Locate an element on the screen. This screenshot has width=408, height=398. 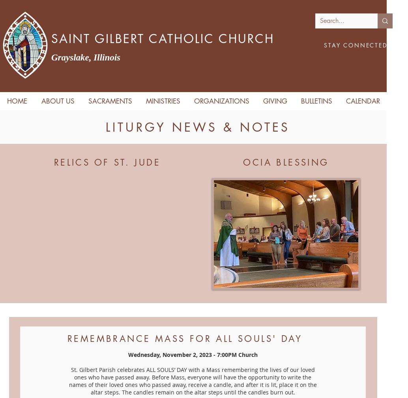
'LITURGY NEWS & NOTES' is located at coordinates (197, 127).